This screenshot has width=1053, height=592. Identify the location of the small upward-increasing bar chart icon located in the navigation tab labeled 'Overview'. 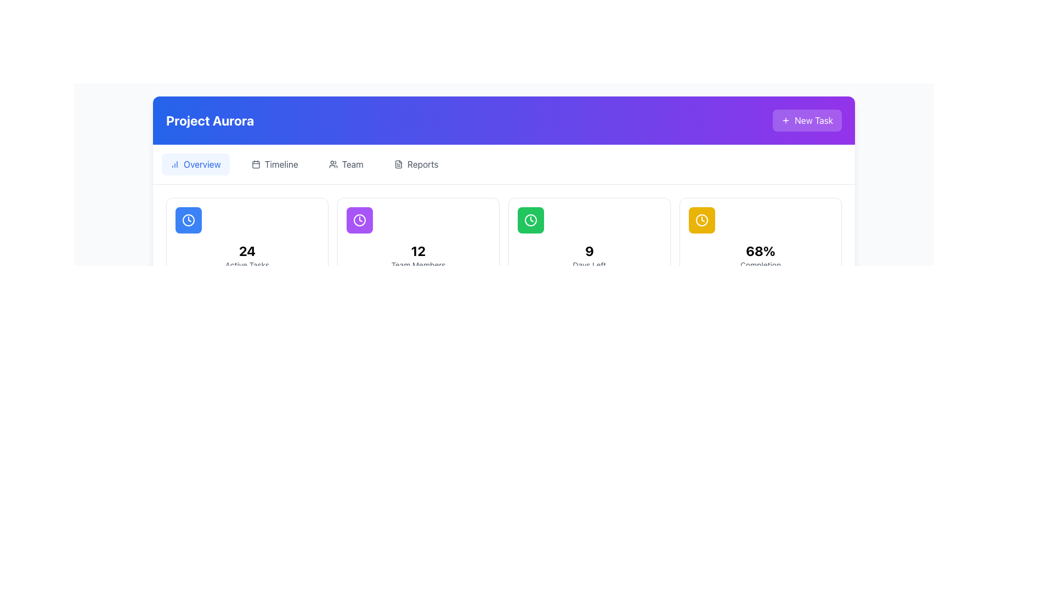
(174, 164).